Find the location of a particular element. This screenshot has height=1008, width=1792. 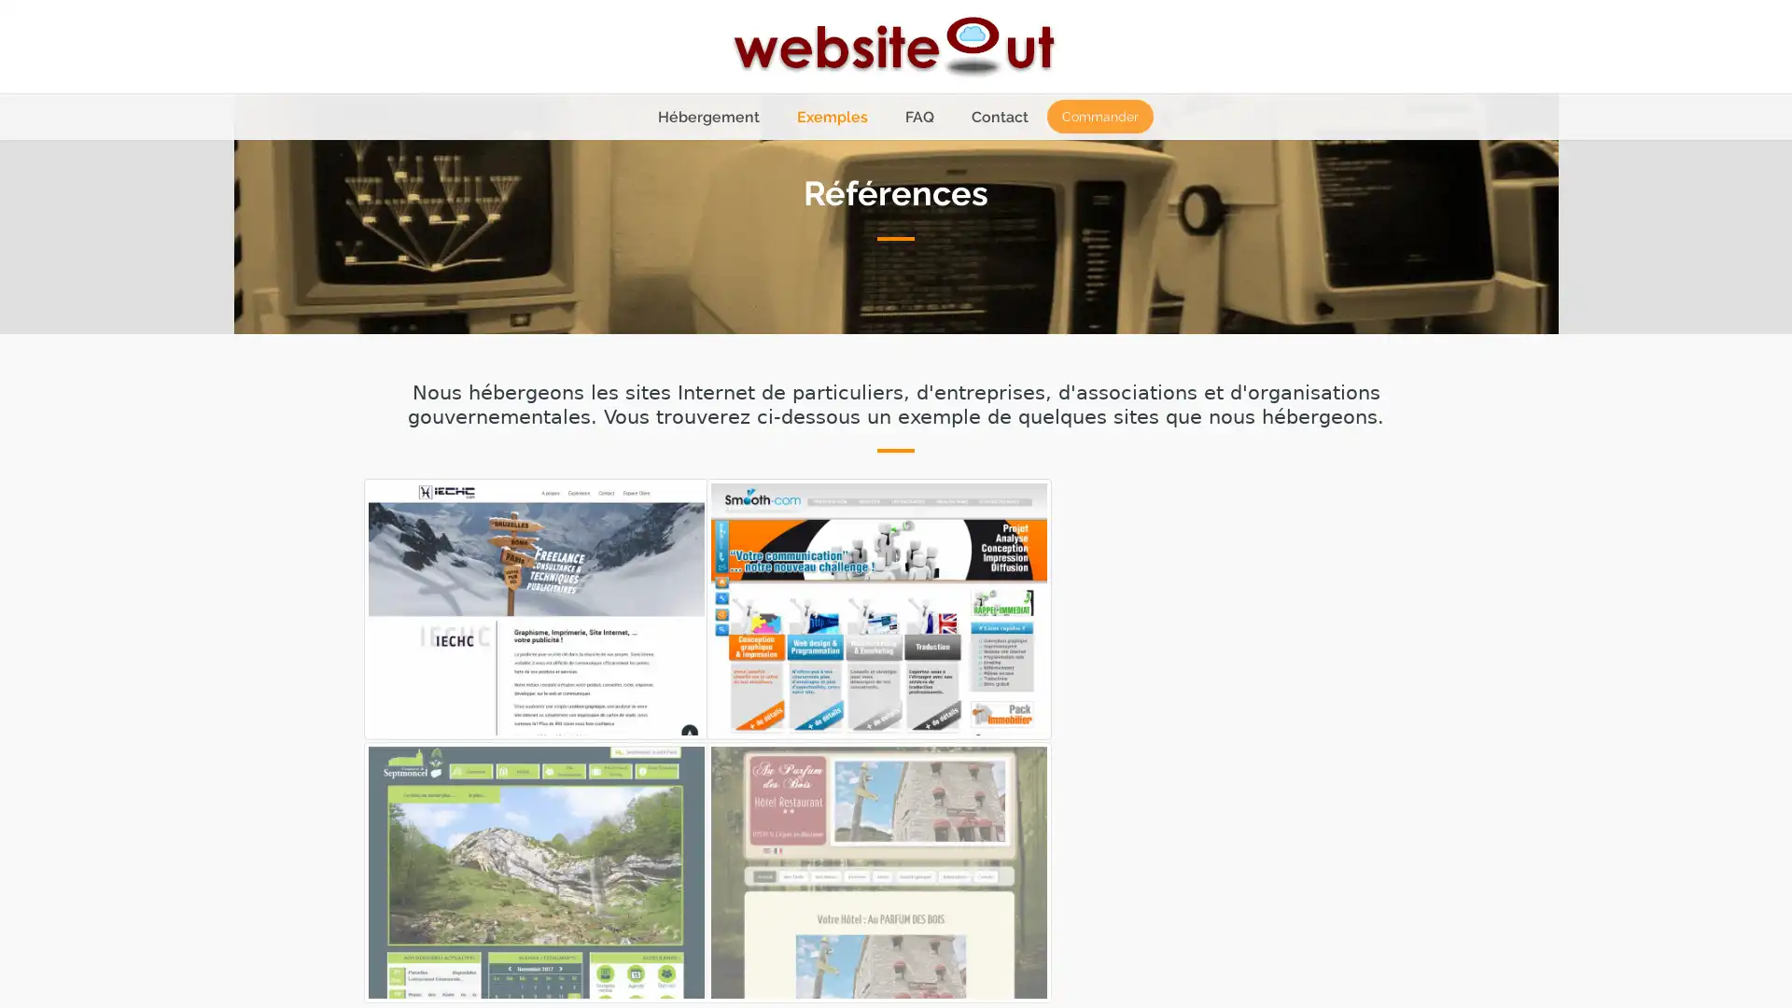

Commander is located at coordinates (1099, 116).